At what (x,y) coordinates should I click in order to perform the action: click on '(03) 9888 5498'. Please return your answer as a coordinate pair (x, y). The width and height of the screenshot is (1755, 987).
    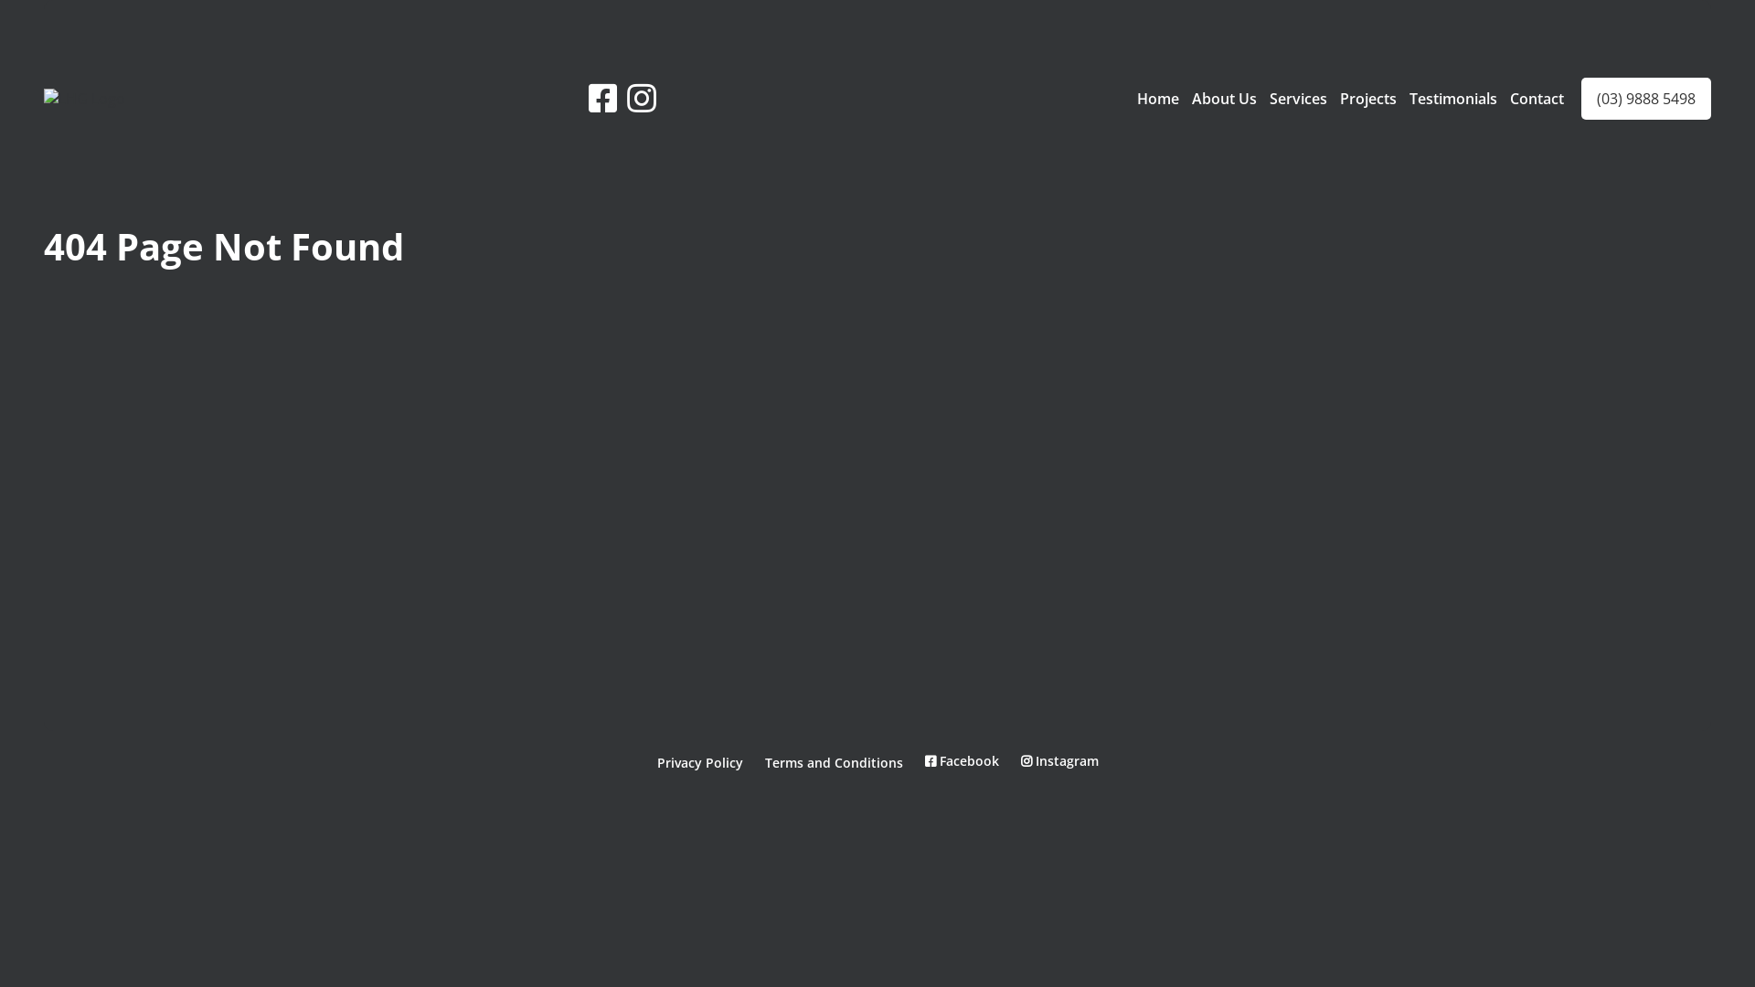
    Looking at the image, I should click on (1645, 98).